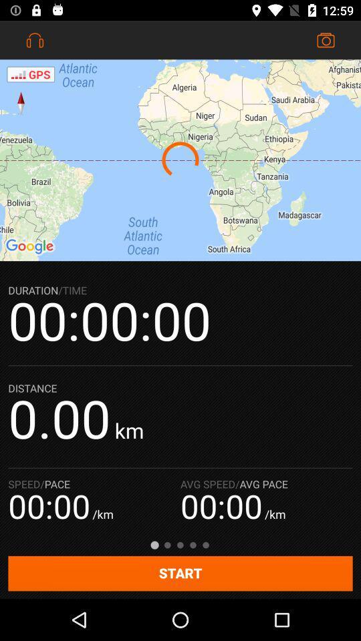 This screenshot has width=361, height=641. What do you see at coordinates (180, 573) in the screenshot?
I see `start icon` at bounding box center [180, 573].